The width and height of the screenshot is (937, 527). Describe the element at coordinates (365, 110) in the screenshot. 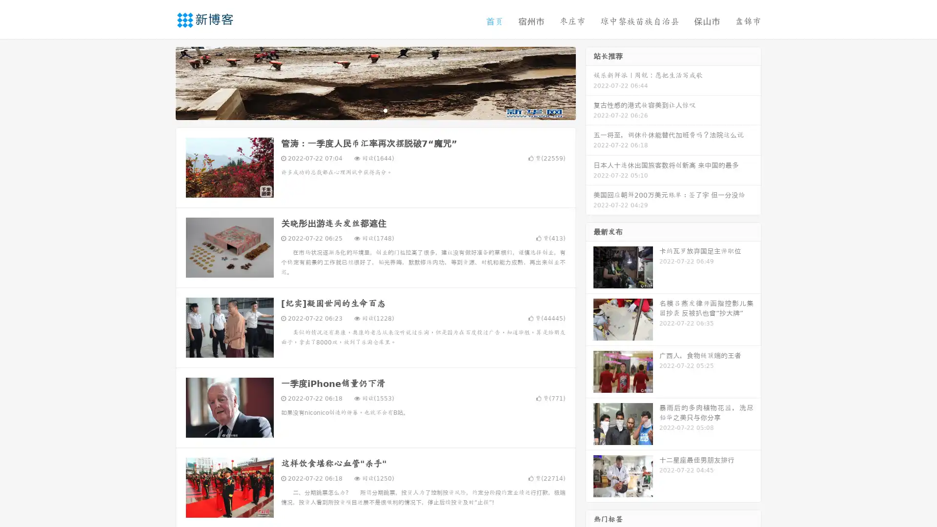

I see `Go to slide 1` at that location.